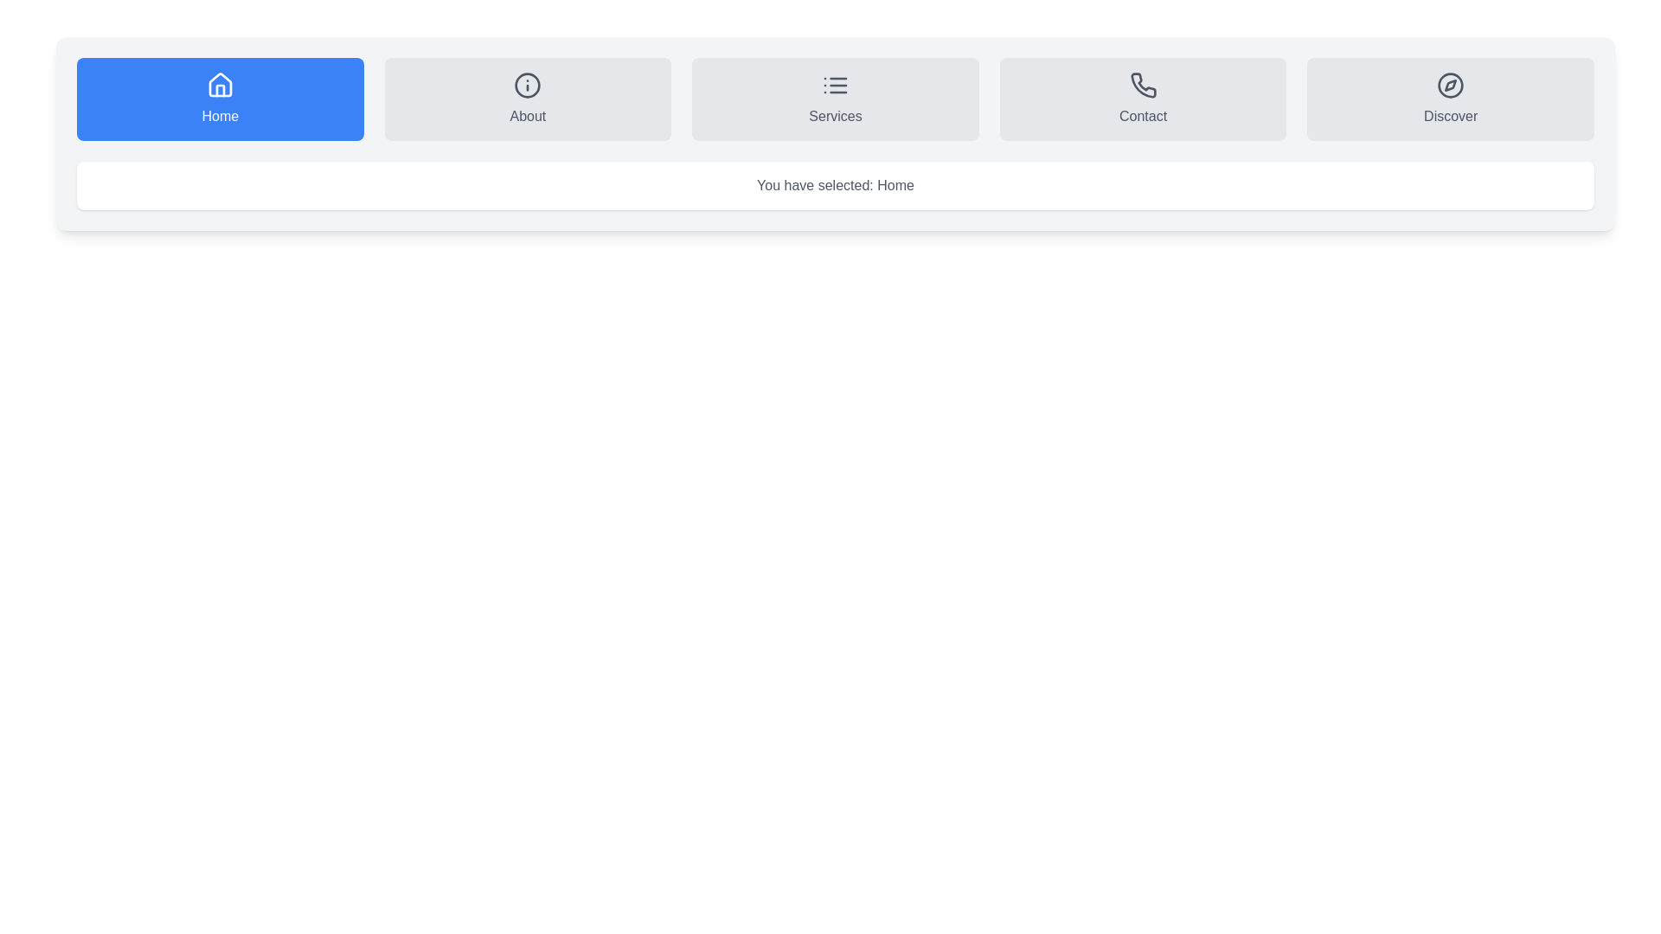  Describe the element at coordinates (835, 186) in the screenshot. I see `contents of the white text block displaying the message 'You have selected: Home', which is located below the navigation bar` at that location.